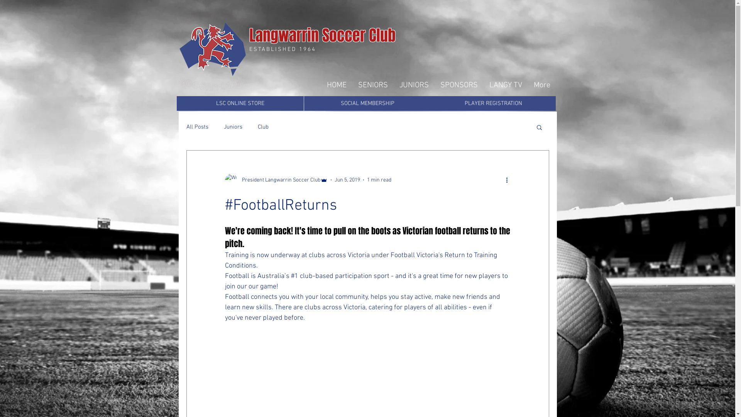 The height and width of the screenshot is (417, 741). I want to click on 'SOCIAL MEMBERSHIP', so click(367, 103).